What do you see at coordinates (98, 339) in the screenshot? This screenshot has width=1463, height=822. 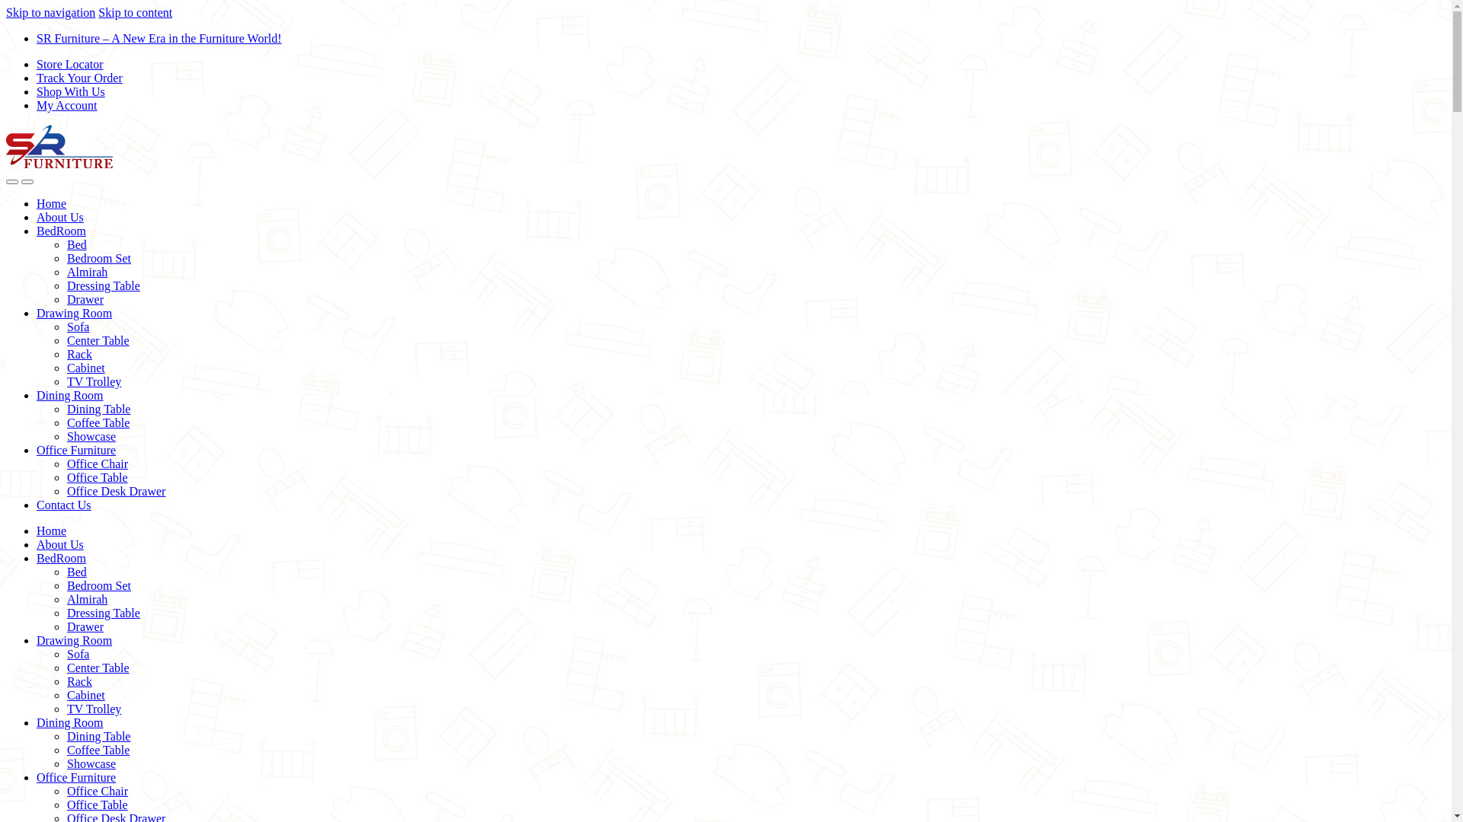 I see `'Center Table'` at bounding box center [98, 339].